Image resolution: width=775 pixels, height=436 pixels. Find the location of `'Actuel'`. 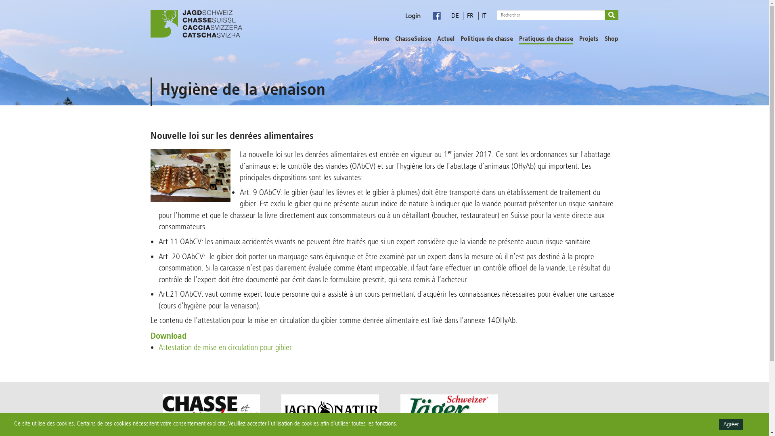

'Actuel' is located at coordinates (445, 39).